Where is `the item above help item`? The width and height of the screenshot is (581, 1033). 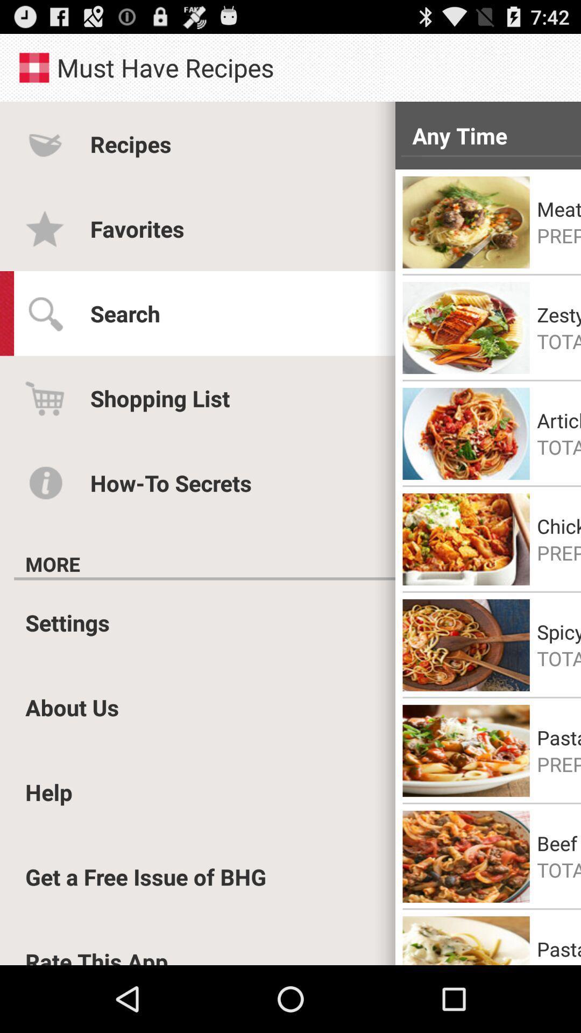
the item above help item is located at coordinates (72, 707).